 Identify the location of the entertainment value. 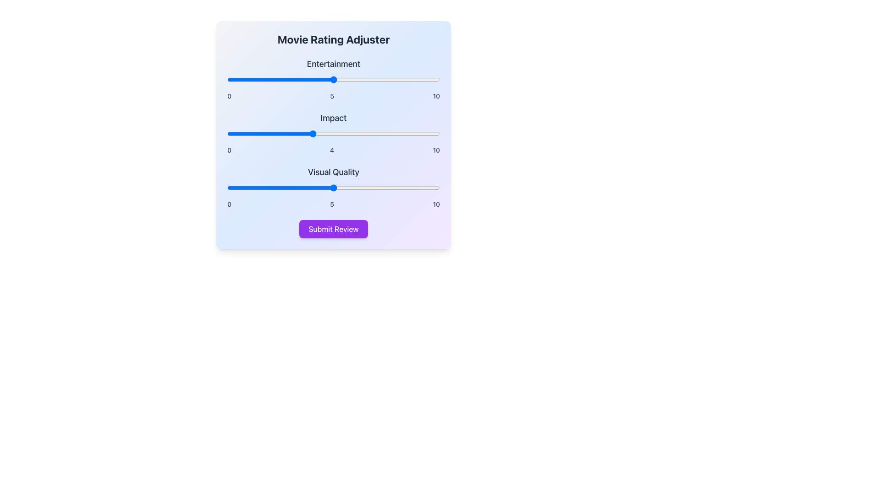
(397, 79).